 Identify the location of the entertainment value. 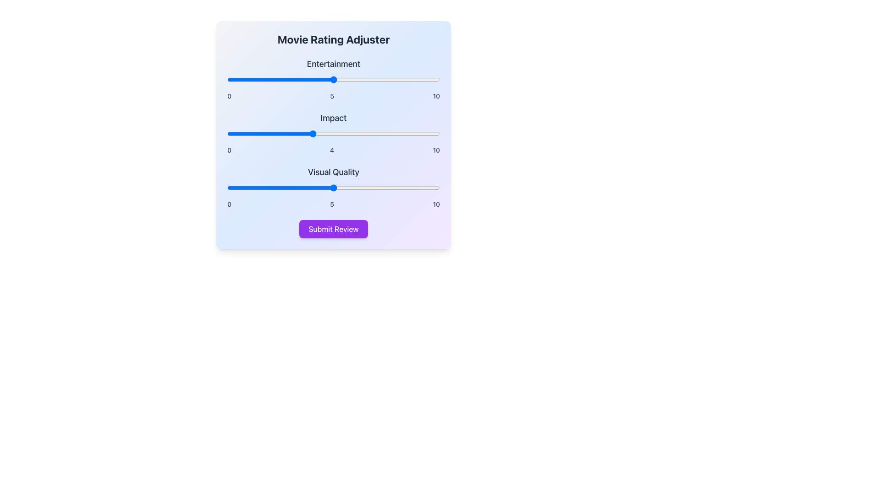
(397, 79).